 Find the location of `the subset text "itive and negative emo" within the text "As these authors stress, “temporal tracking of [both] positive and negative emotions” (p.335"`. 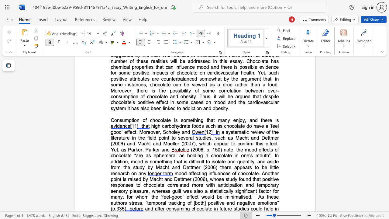

the subset text "itive and negative emo" within the text "As these authors stress, “temporal tracking of [both] positive and negative emotions” (p.335" is located at coordinates (216, 203).